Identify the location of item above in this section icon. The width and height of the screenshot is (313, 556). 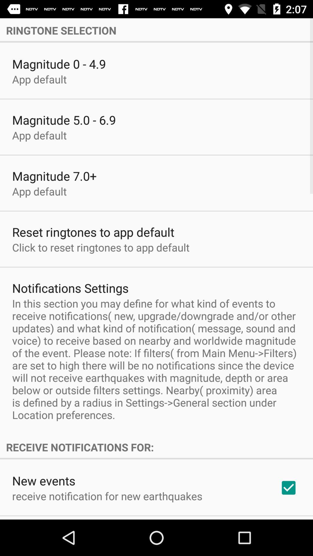
(70, 288).